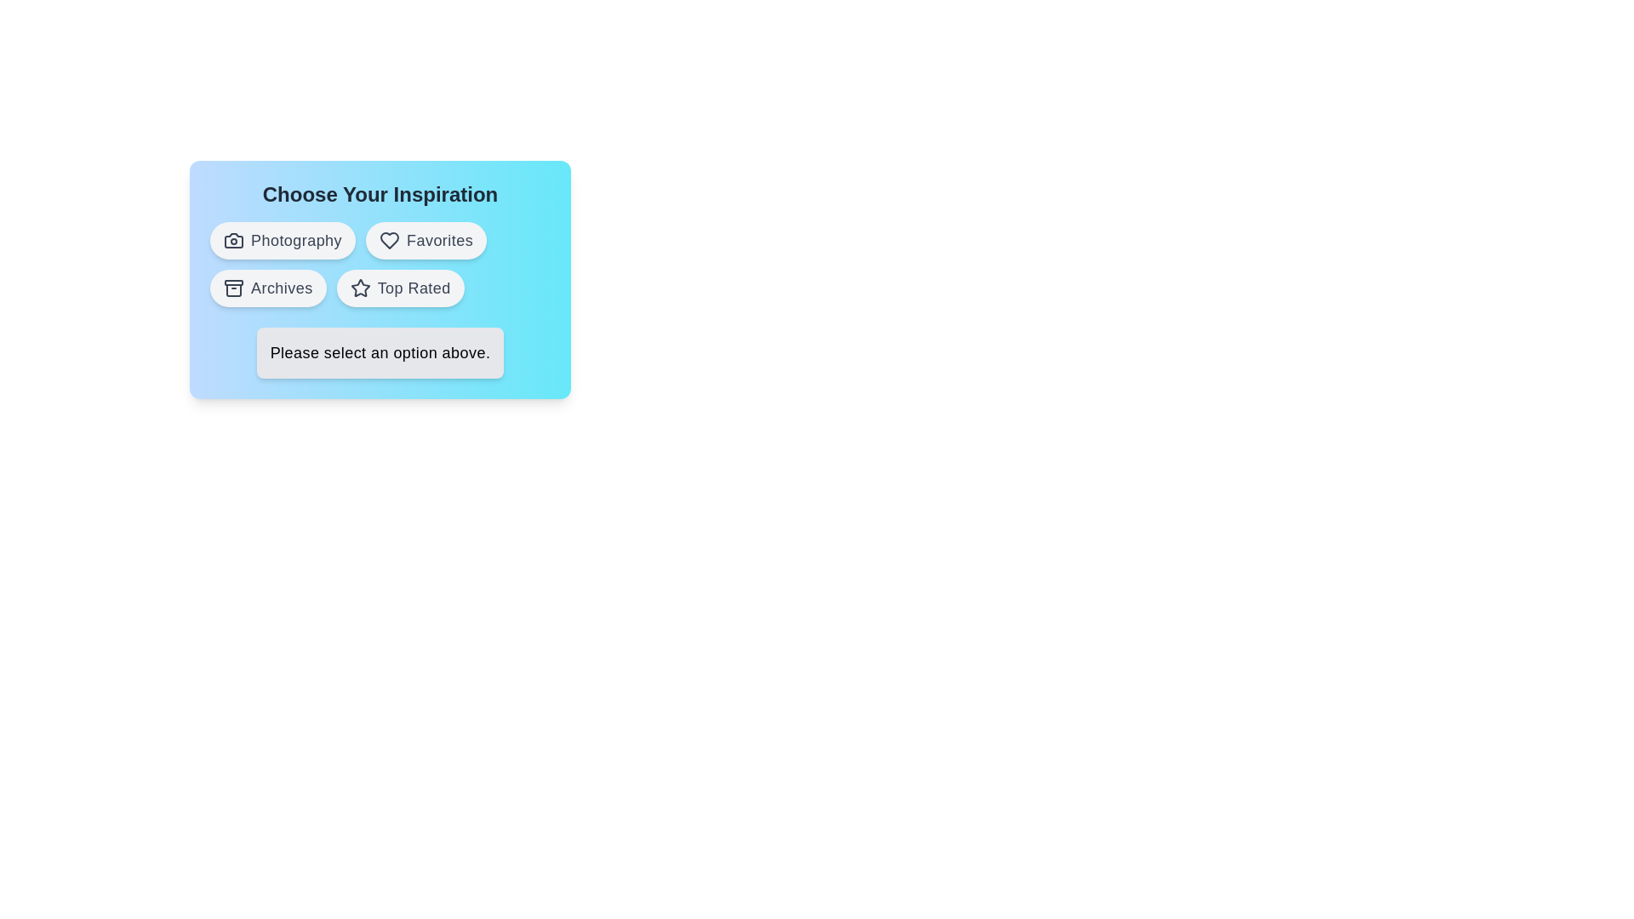  Describe the element at coordinates (296, 240) in the screenshot. I see `the 'Photography' button with a camera icon, which is the first button in a group of four` at that location.